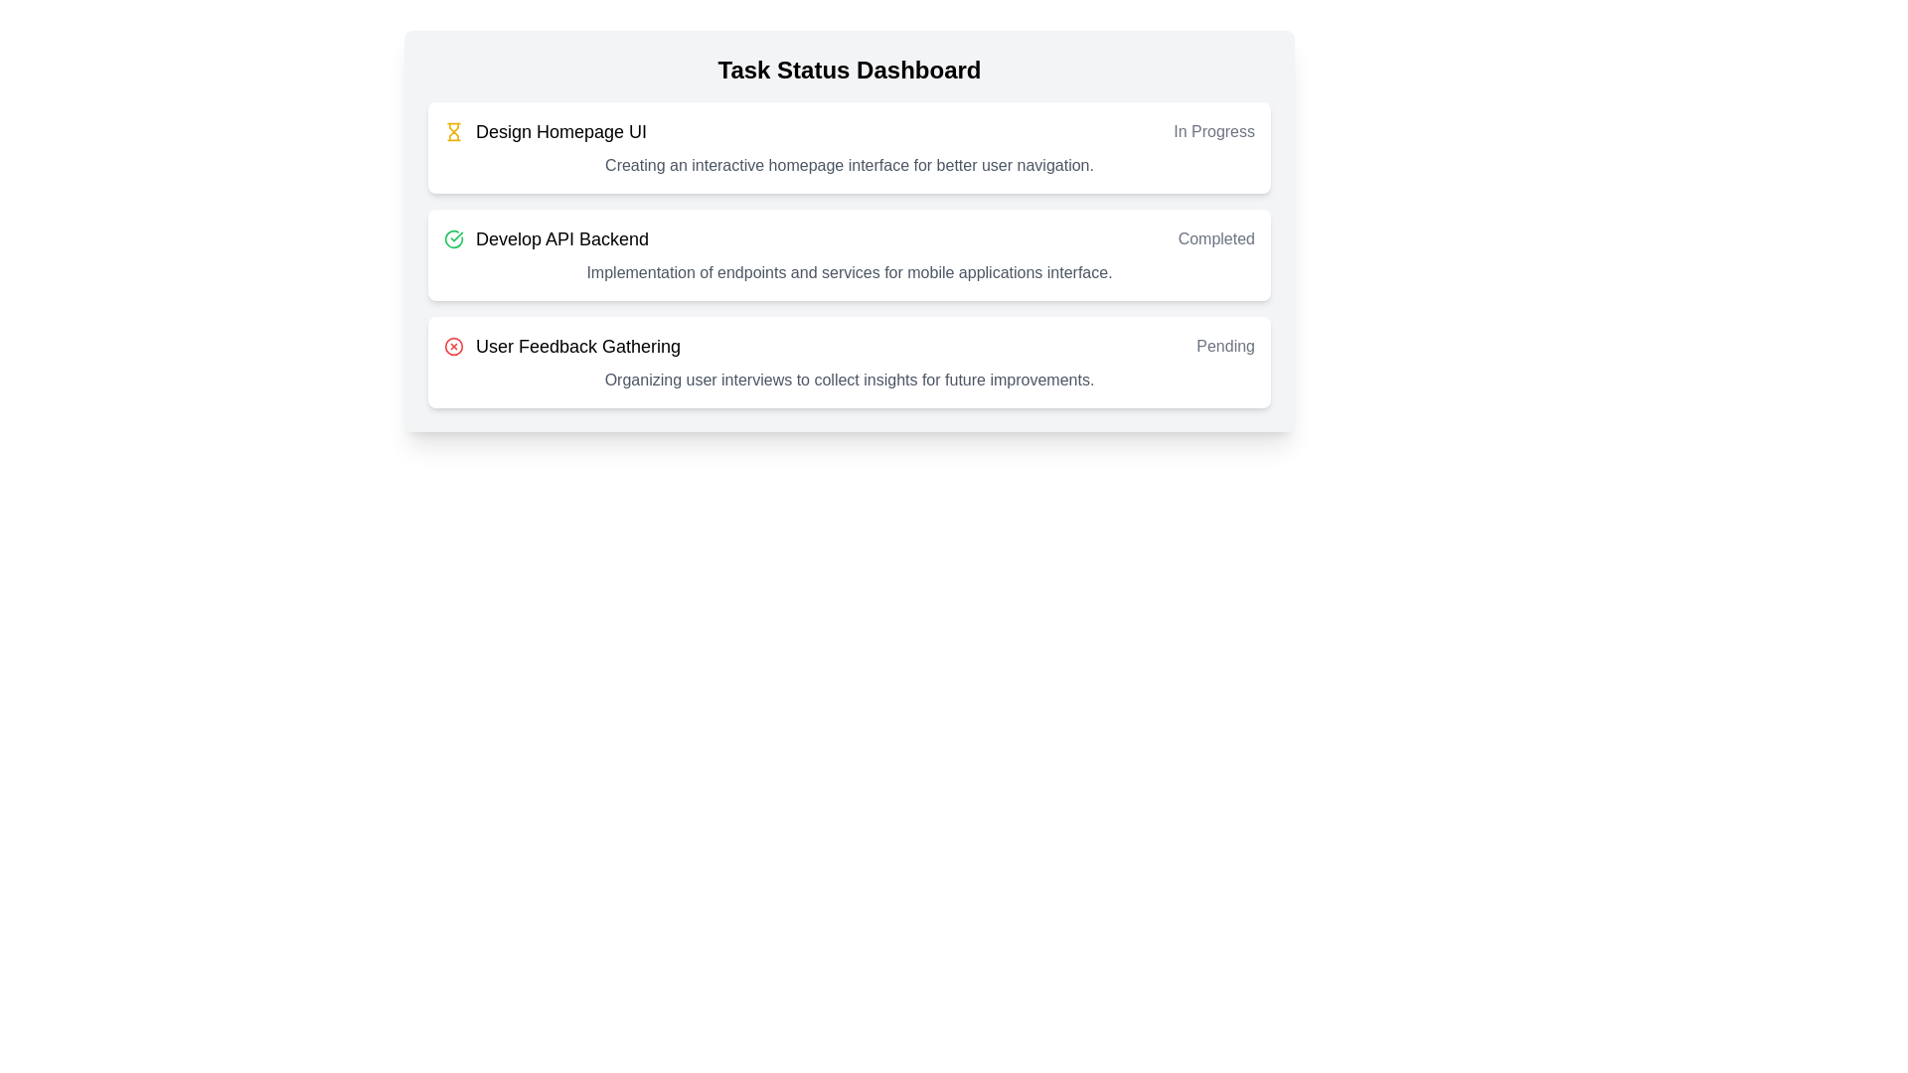 Image resolution: width=1908 pixels, height=1073 pixels. What do you see at coordinates (1224, 345) in the screenshot?
I see `the Text Label indicating the status of 'User Feedback Gathering', located near the top right corner of the section` at bounding box center [1224, 345].